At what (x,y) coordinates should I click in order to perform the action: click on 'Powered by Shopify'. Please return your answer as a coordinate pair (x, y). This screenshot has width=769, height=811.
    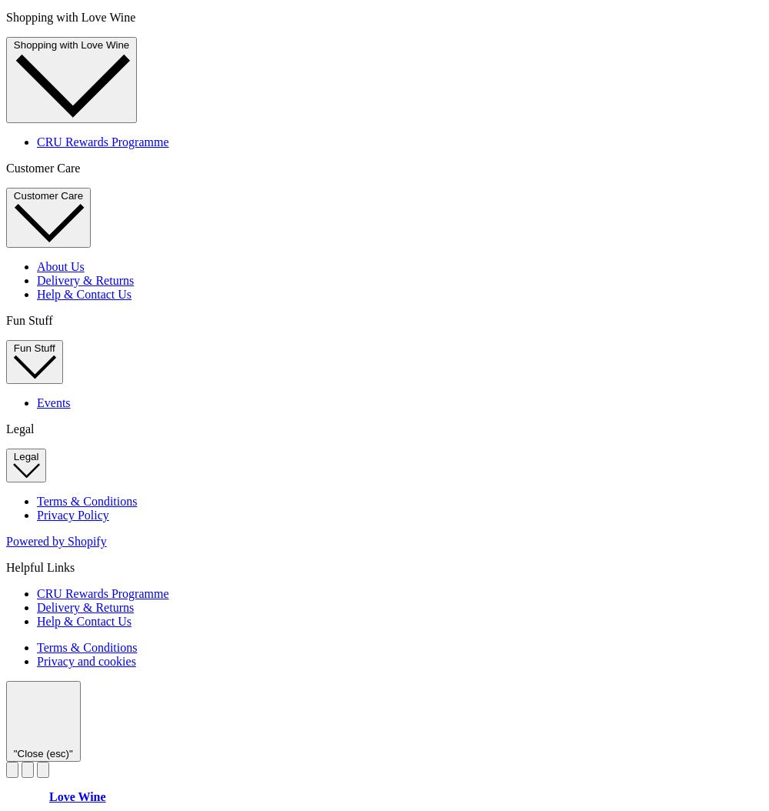
    Looking at the image, I should click on (55, 540).